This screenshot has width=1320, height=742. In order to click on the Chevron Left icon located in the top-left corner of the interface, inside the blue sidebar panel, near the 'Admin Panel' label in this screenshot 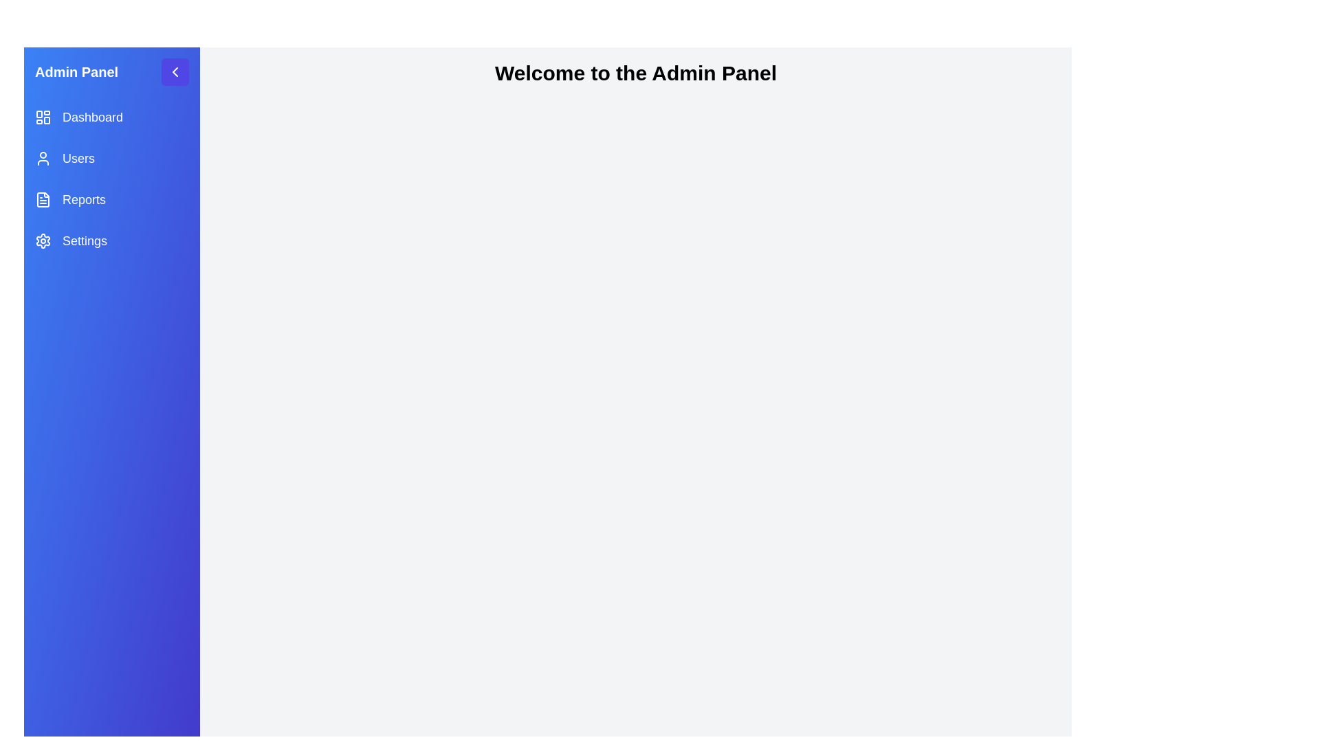, I will do `click(174, 71)`.